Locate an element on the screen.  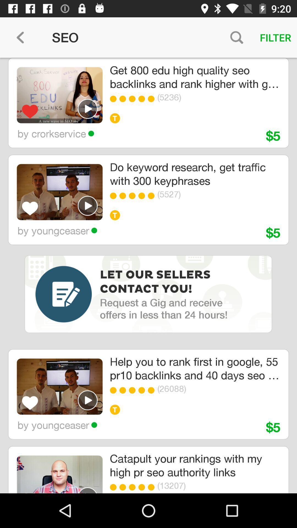
item above the request a gig icon is located at coordinates (157, 282).